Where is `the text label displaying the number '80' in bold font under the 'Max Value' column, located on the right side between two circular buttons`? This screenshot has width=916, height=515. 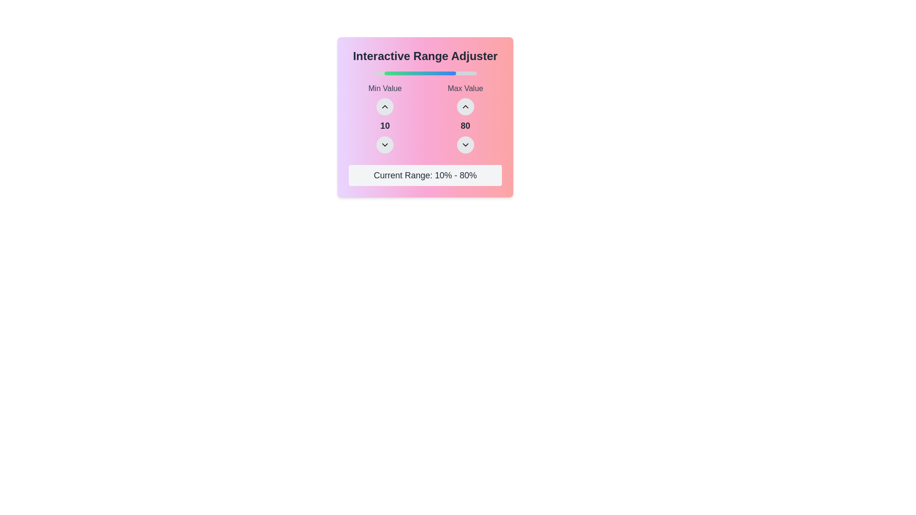
the text label displaying the number '80' in bold font under the 'Max Value' column, located on the right side between two circular buttons is located at coordinates (465, 125).